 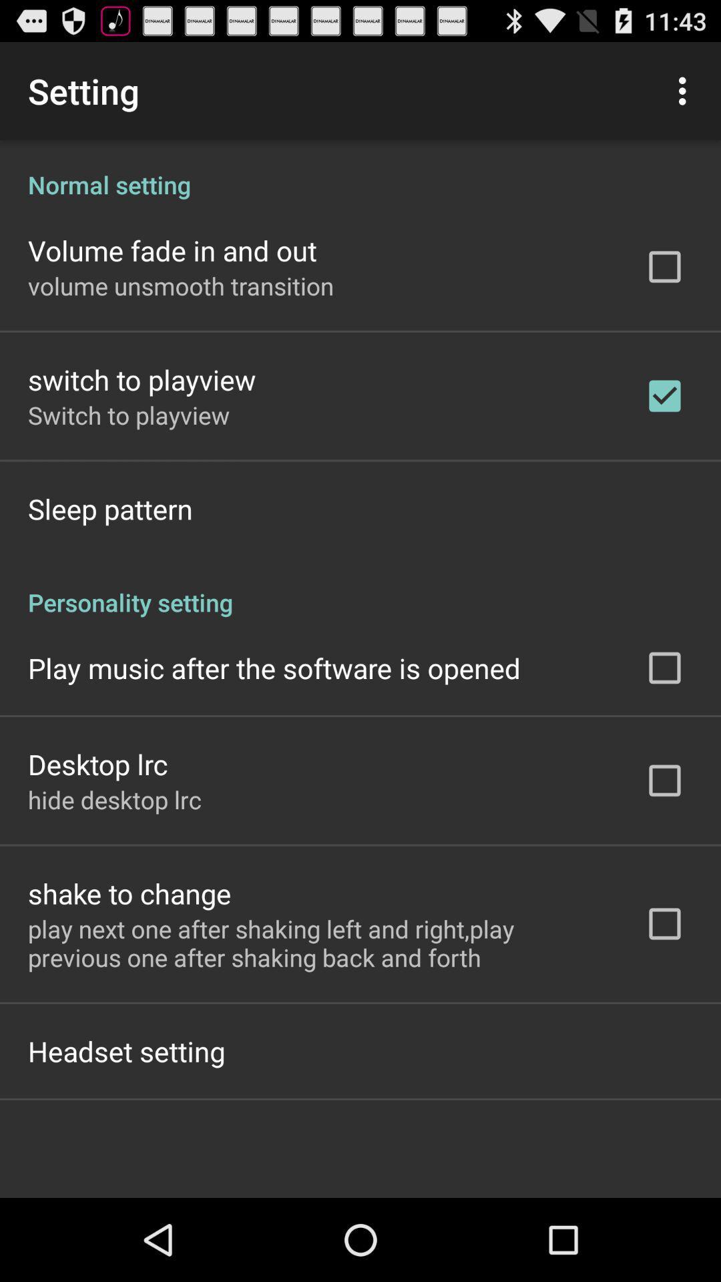 I want to click on the icon above volume unsmooth transition icon, so click(x=172, y=250).